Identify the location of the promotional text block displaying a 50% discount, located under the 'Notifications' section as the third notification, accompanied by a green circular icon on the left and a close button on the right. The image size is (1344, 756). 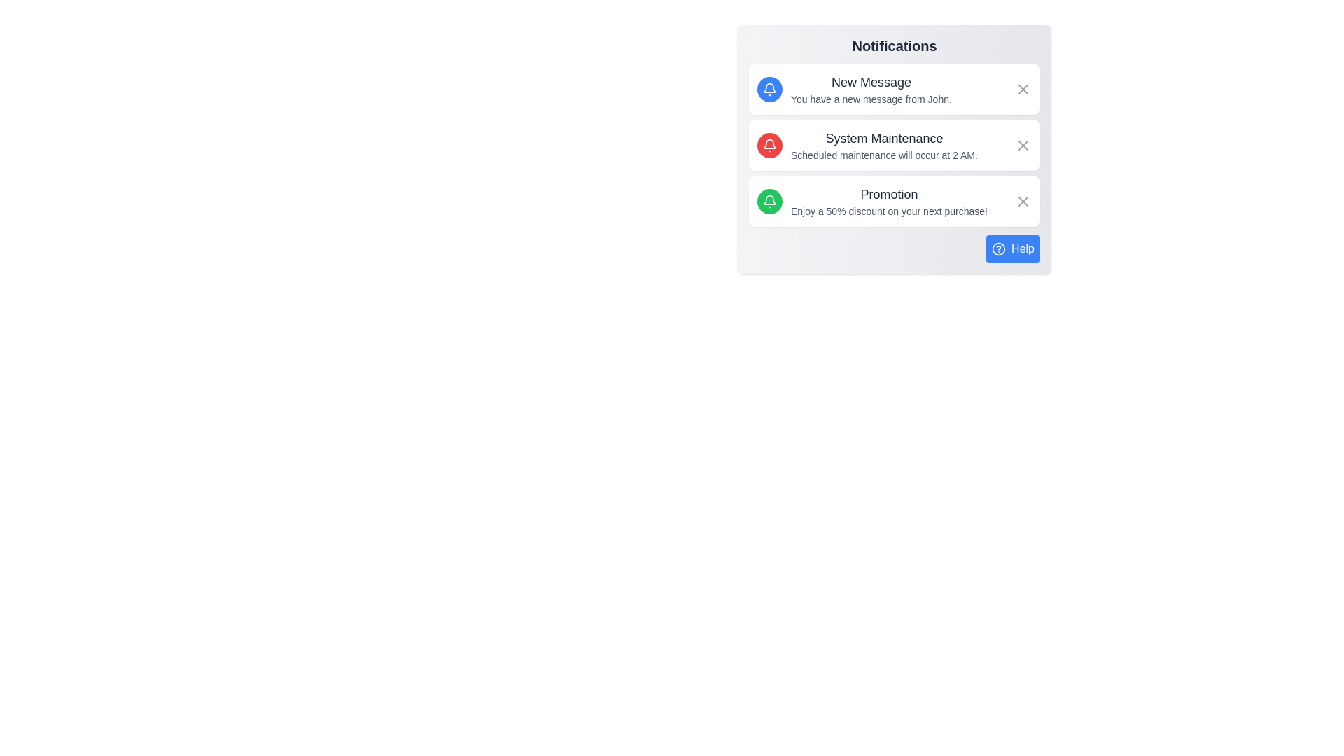
(888, 202).